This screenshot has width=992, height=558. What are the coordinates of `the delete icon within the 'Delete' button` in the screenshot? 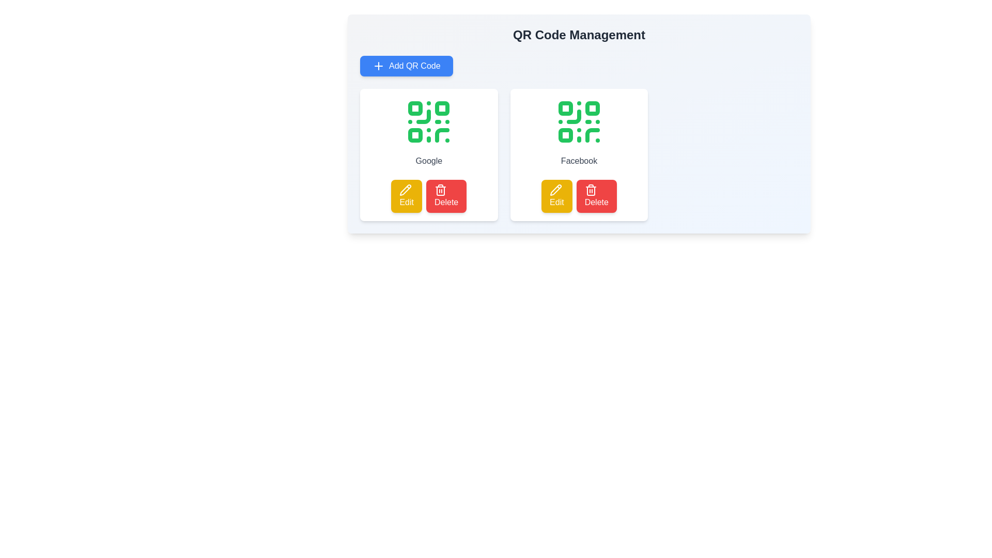 It's located at (591, 190).